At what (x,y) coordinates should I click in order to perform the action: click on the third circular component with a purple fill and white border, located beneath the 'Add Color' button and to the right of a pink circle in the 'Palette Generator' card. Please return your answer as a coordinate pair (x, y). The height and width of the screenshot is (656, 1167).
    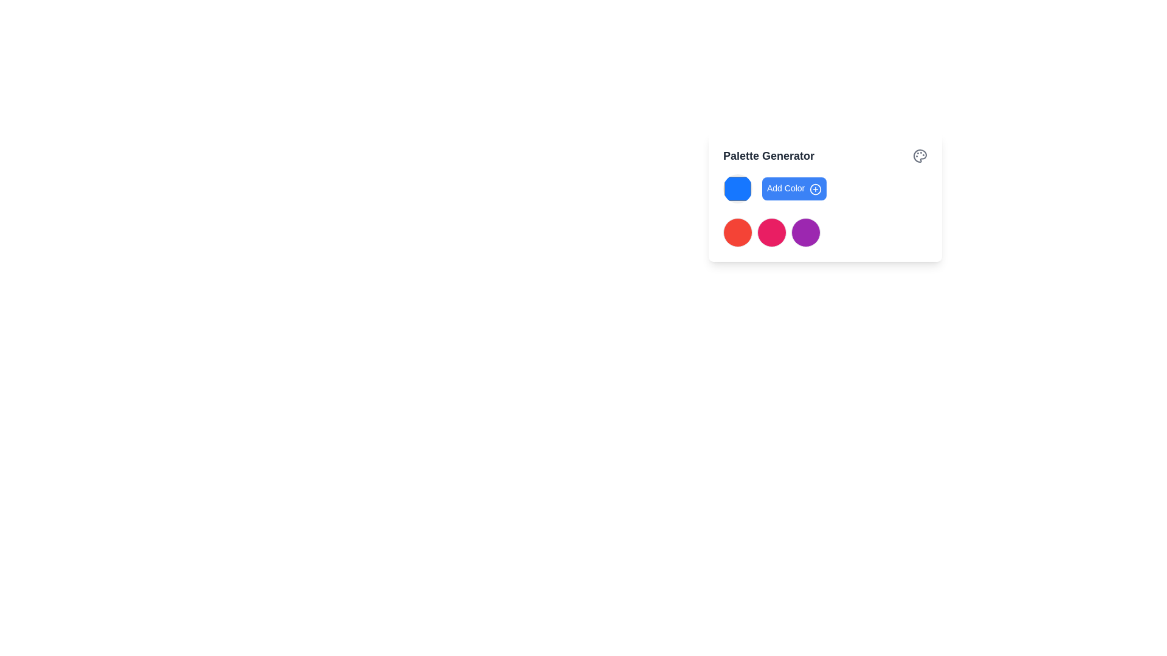
    Looking at the image, I should click on (805, 232).